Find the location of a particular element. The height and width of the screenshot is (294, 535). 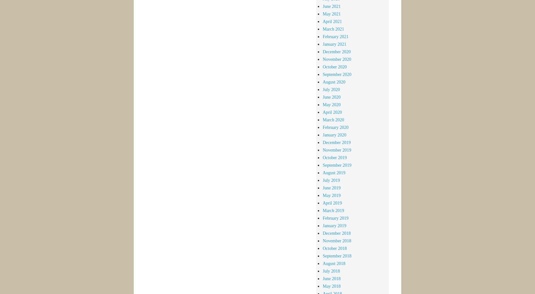

'December 2019' is located at coordinates (322, 142).